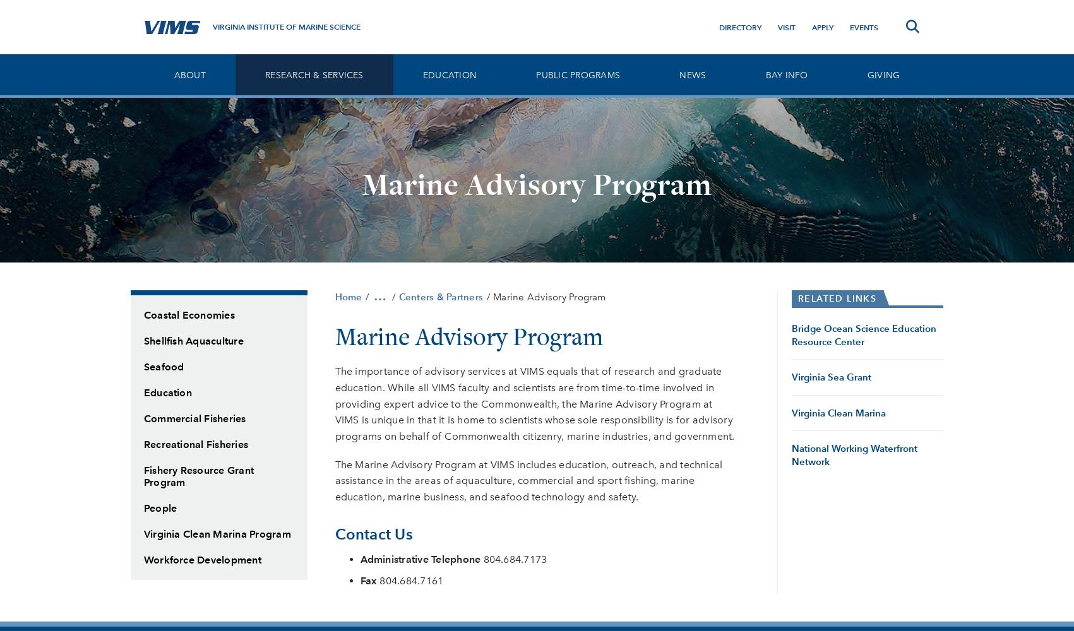  I want to click on 'Directory', so click(739, 27).